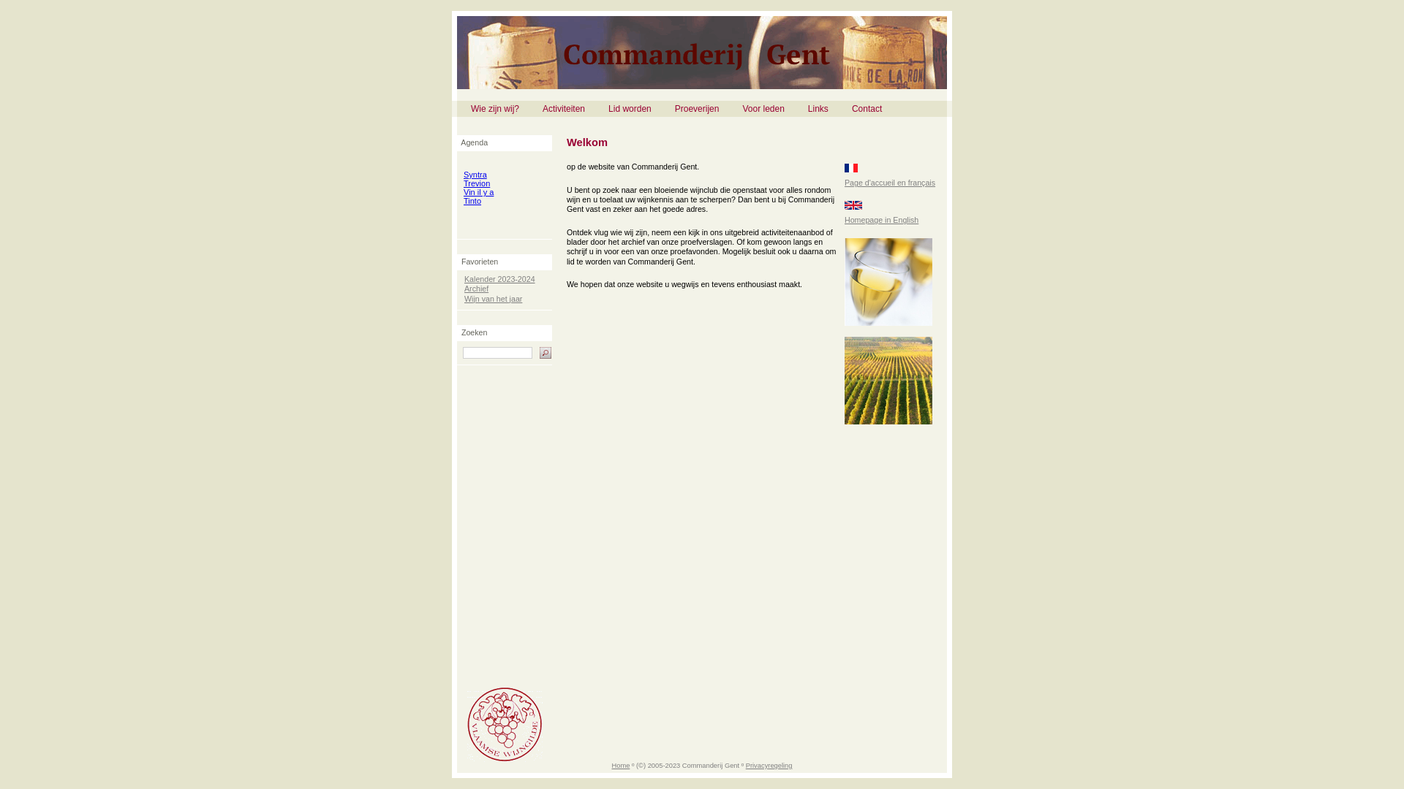  I want to click on 'Privacyregeling', so click(745, 765).